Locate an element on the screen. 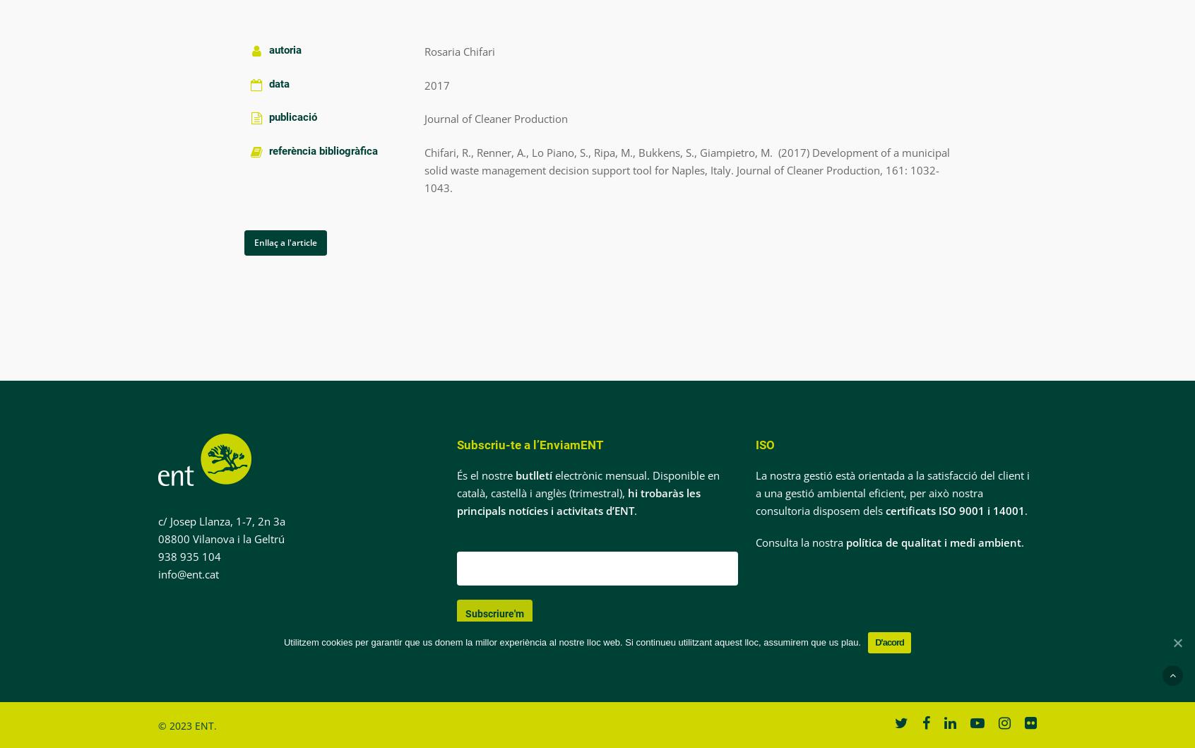 Image resolution: width=1195 pixels, height=748 pixels. 'data' is located at coordinates (279, 82).